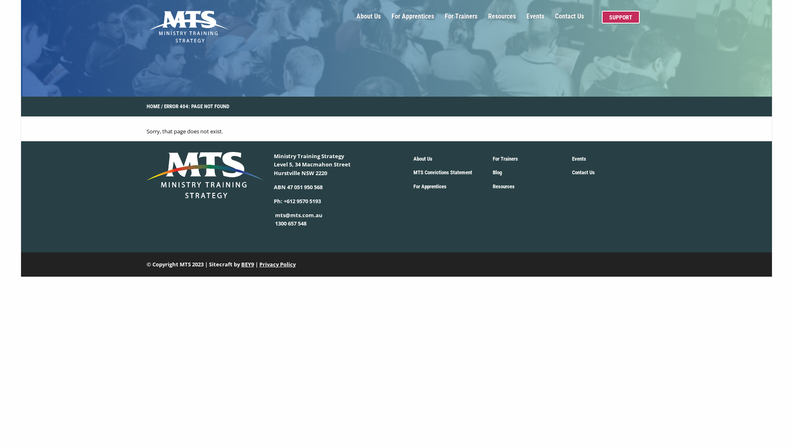 The width and height of the screenshot is (793, 446). What do you see at coordinates (368, 19) in the screenshot?
I see `'About Us'` at bounding box center [368, 19].